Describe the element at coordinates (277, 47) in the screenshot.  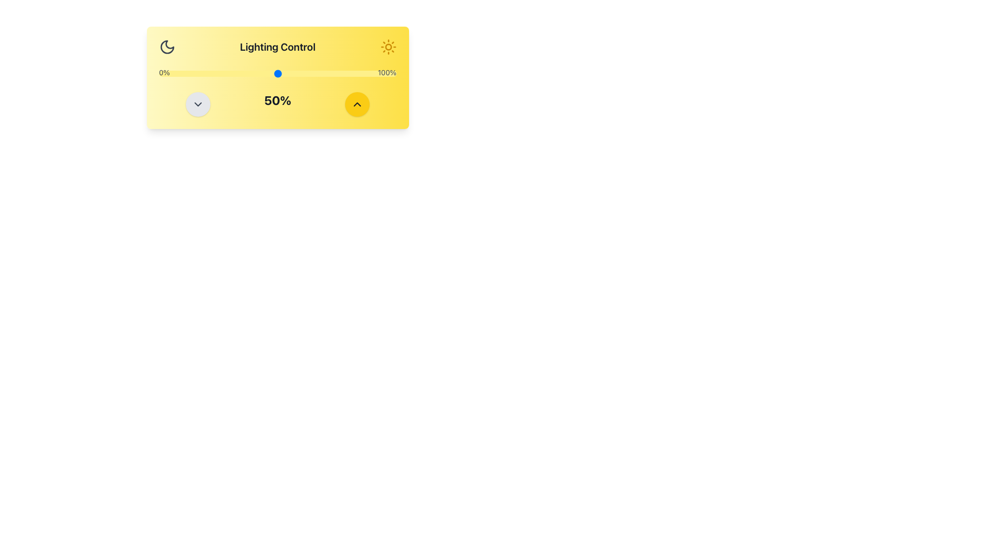
I see `the 'Lighting Control' text label which serves as the header for the control panel, centrally positioned between the moon icon on the left and the sun icon on the right` at that location.